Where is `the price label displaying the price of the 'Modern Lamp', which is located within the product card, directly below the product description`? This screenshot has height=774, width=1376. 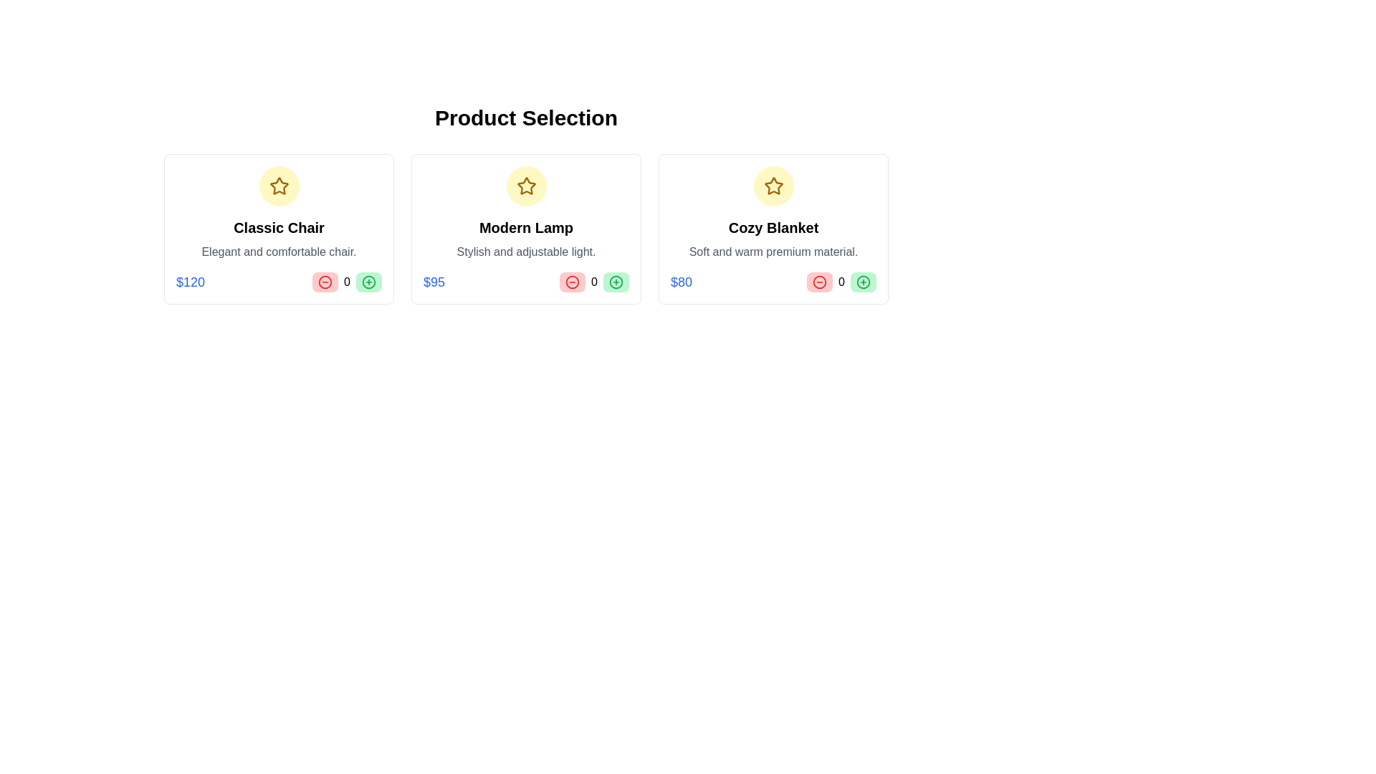 the price label displaying the price of the 'Modern Lamp', which is located within the product card, directly below the product description is located at coordinates (433, 282).